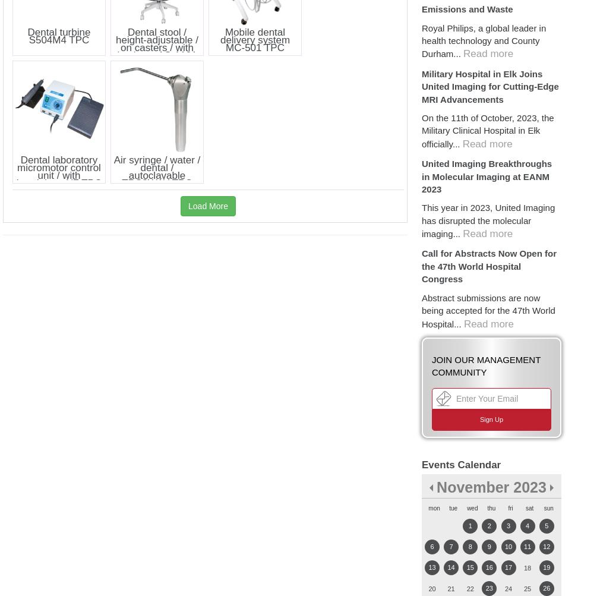  I want to click on 'Military Hospital in Elk Joins United Imaging for Cutting-Edge MRI Advancements', so click(490, 86).